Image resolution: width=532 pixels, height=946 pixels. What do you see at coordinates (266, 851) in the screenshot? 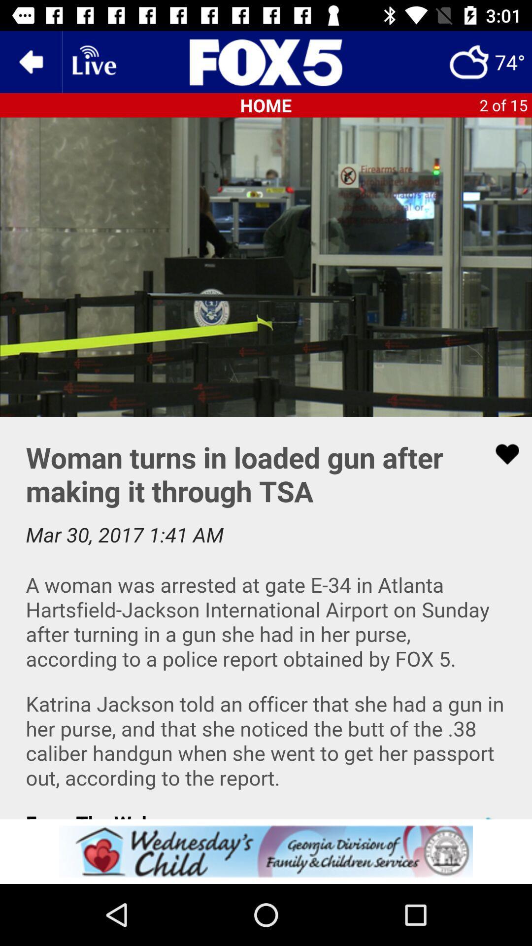
I see `link in advertisement` at bounding box center [266, 851].